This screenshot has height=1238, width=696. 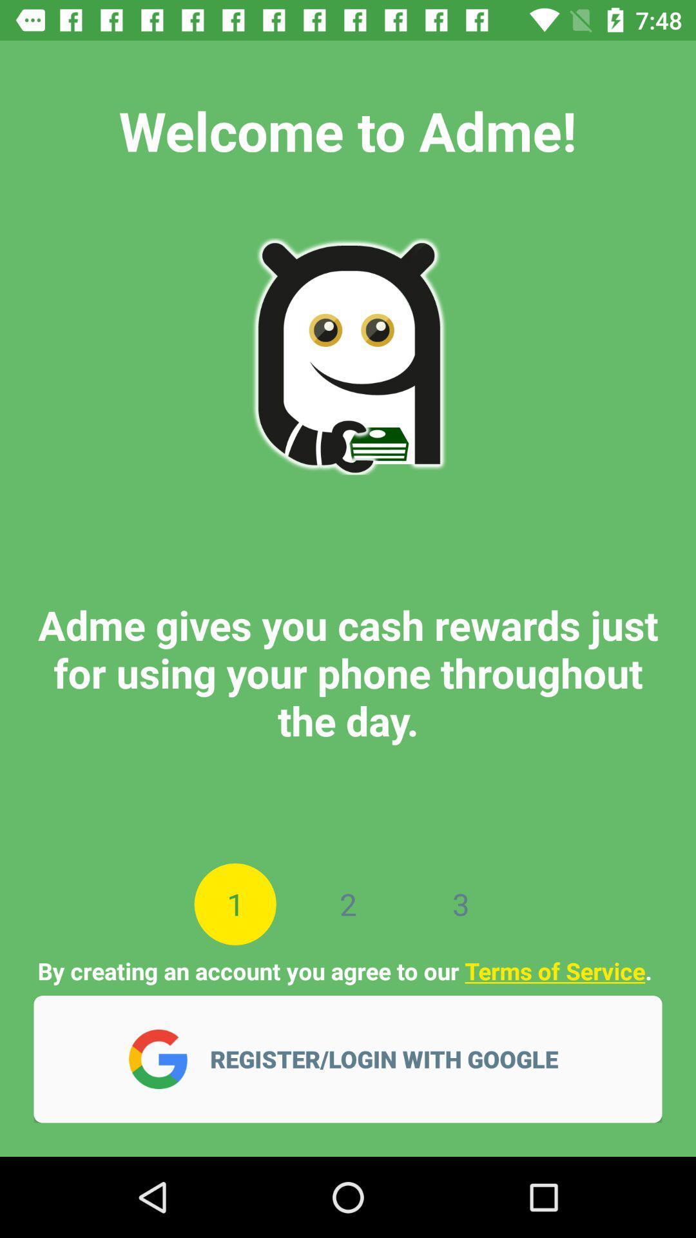 What do you see at coordinates (392, 1059) in the screenshot?
I see `the register login with icon` at bounding box center [392, 1059].